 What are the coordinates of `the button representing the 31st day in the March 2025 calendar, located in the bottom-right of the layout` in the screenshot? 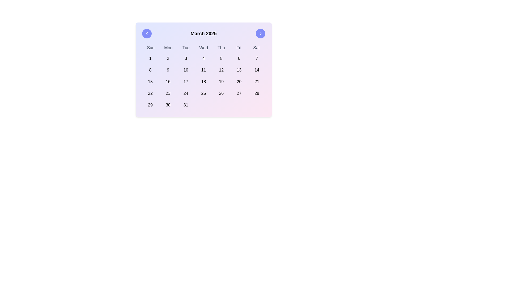 It's located at (186, 105).